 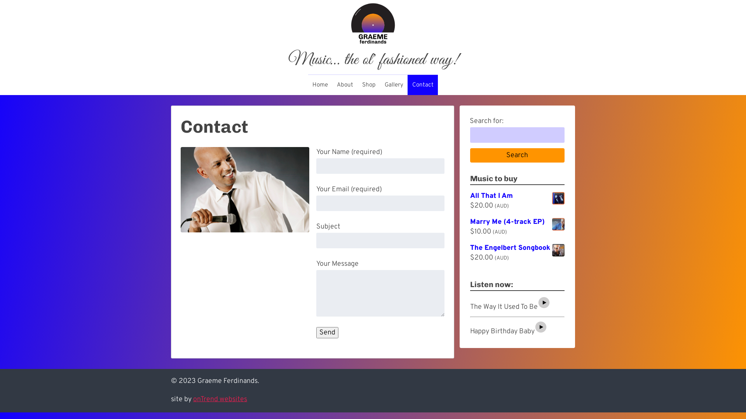 I want to click on 'Gallery', so click(x=394, y=85).